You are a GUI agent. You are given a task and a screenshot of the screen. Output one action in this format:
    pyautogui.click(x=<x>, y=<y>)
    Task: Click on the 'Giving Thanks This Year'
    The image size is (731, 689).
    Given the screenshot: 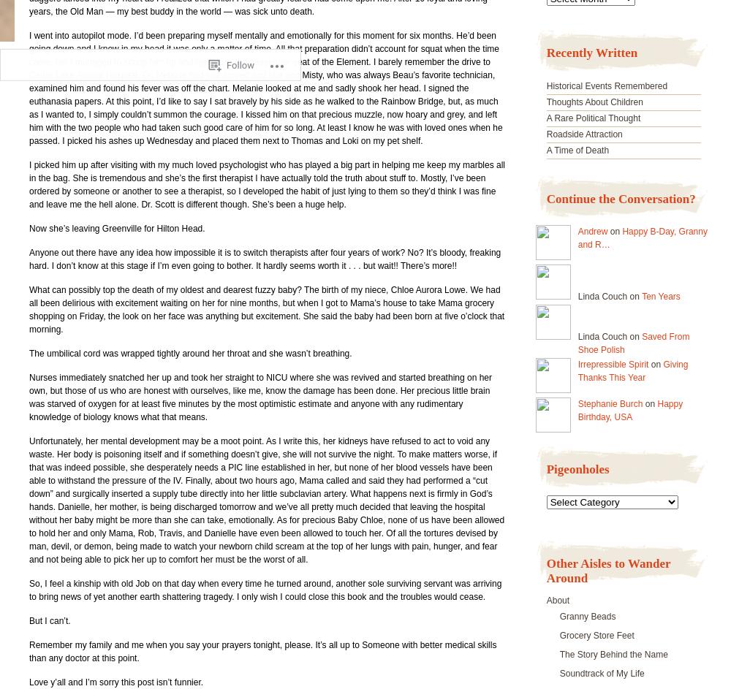 What is the action you would take?
    pyautogui.click(x=632, y=370)
    